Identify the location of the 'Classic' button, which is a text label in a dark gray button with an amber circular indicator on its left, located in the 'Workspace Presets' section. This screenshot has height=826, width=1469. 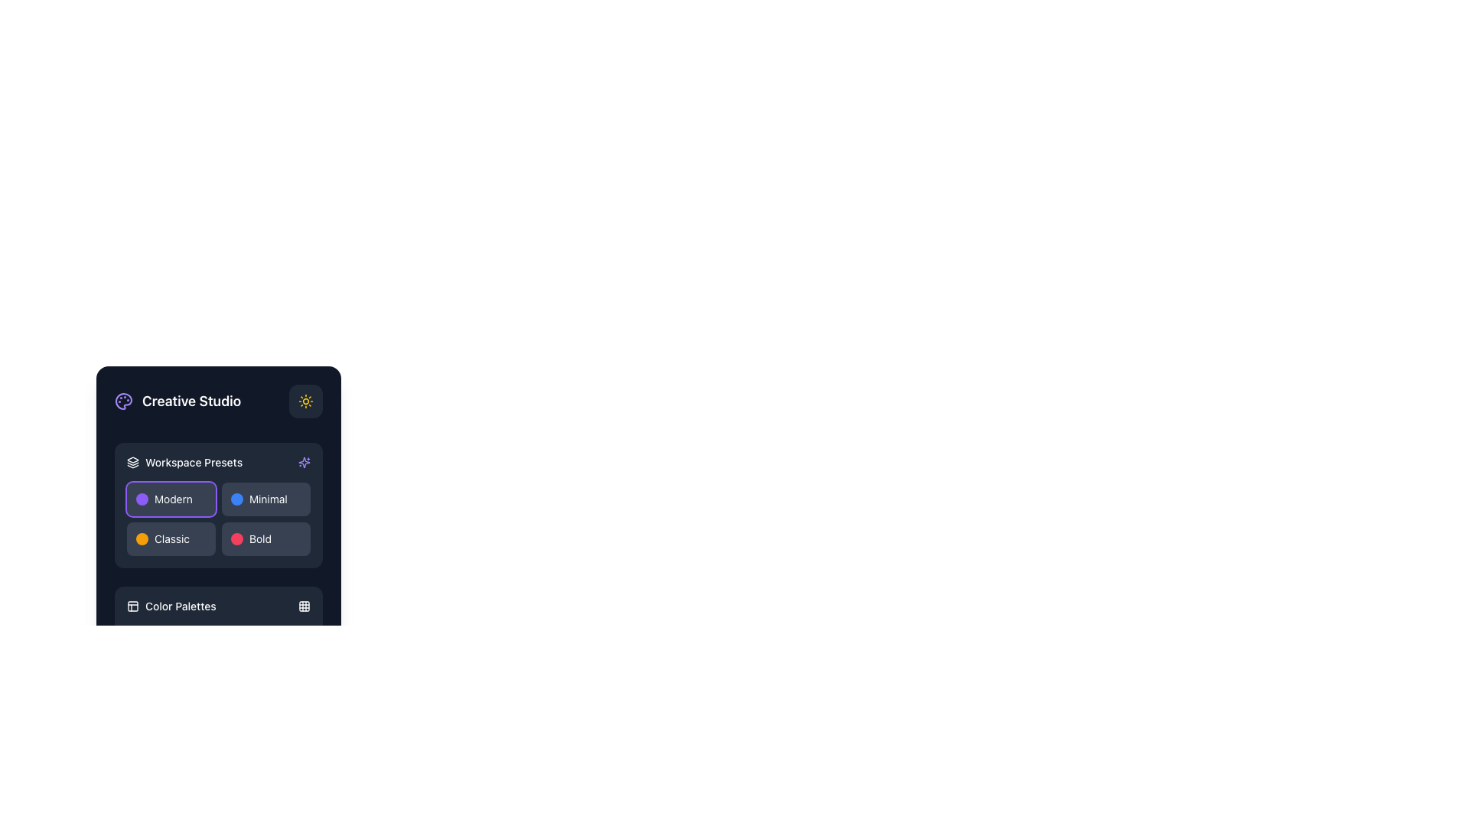
(172, 538).